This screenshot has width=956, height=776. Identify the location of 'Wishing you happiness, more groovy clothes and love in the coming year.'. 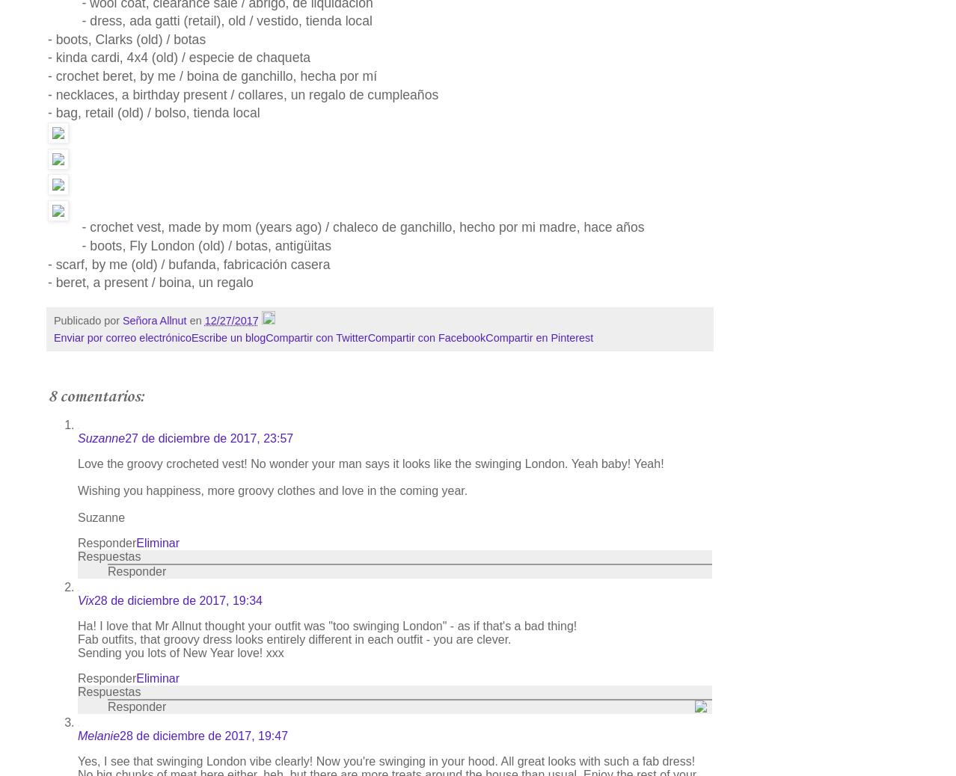
(272, 490).